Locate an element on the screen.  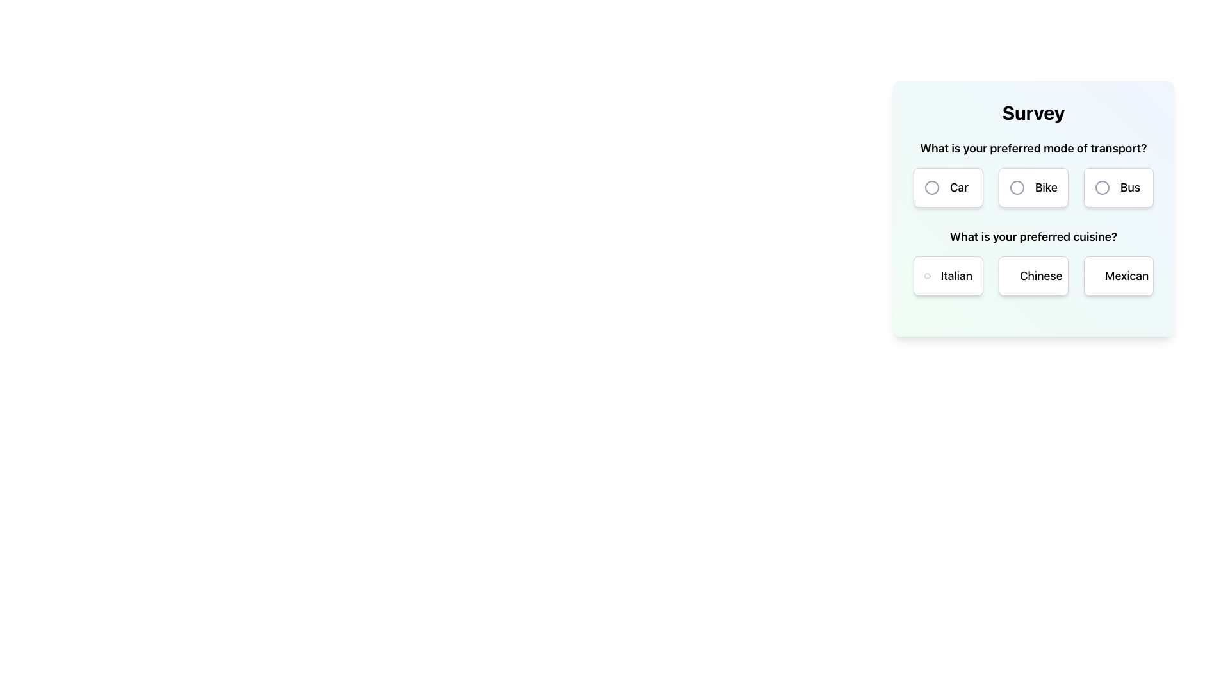
the radio button labeled 'Car' is located at coordinates (948, 188).